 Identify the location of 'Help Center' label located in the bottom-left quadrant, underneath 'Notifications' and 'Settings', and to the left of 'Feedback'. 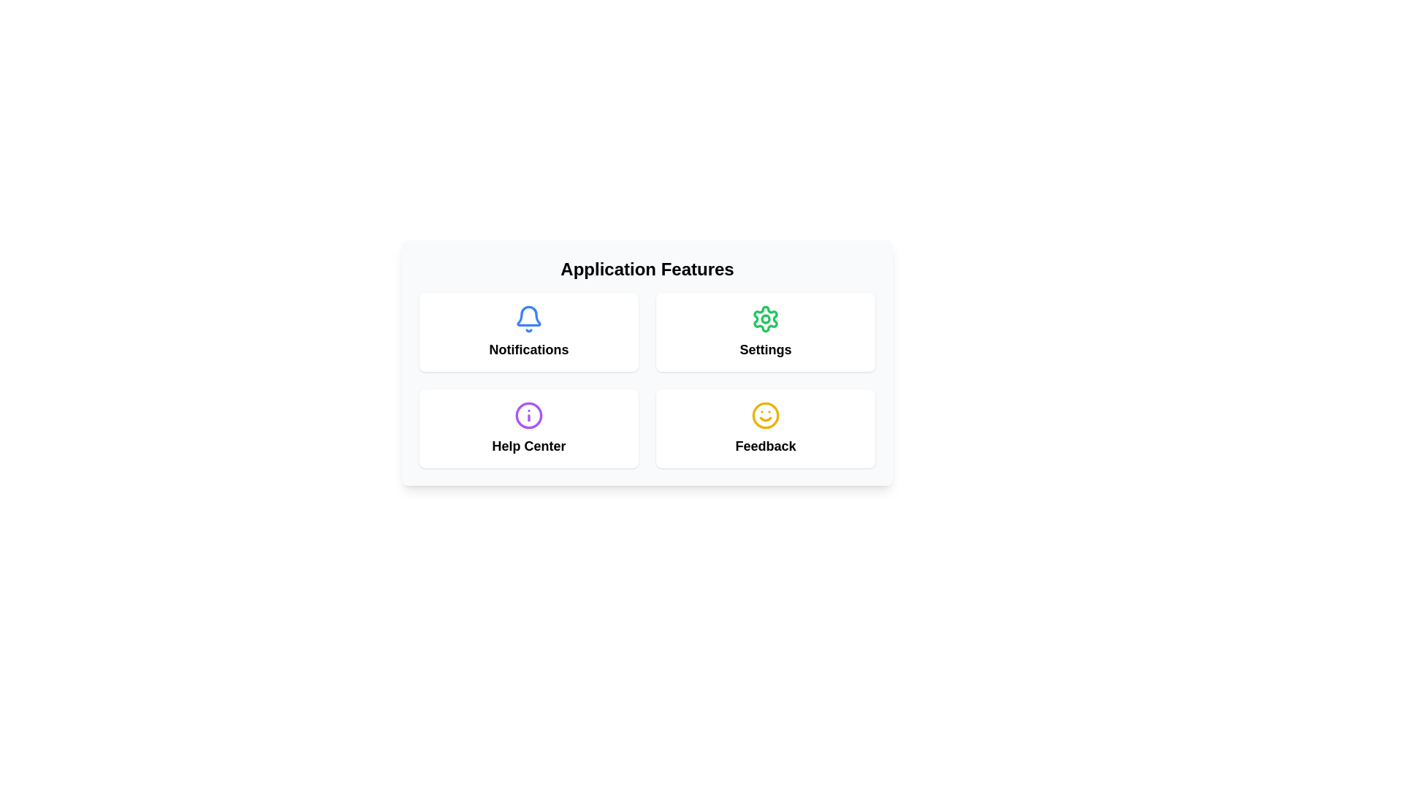
(528, 445).